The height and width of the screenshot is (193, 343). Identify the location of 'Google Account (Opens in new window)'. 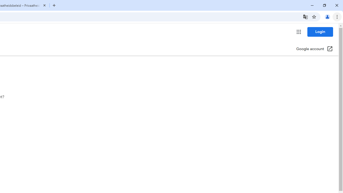
(314, 49).